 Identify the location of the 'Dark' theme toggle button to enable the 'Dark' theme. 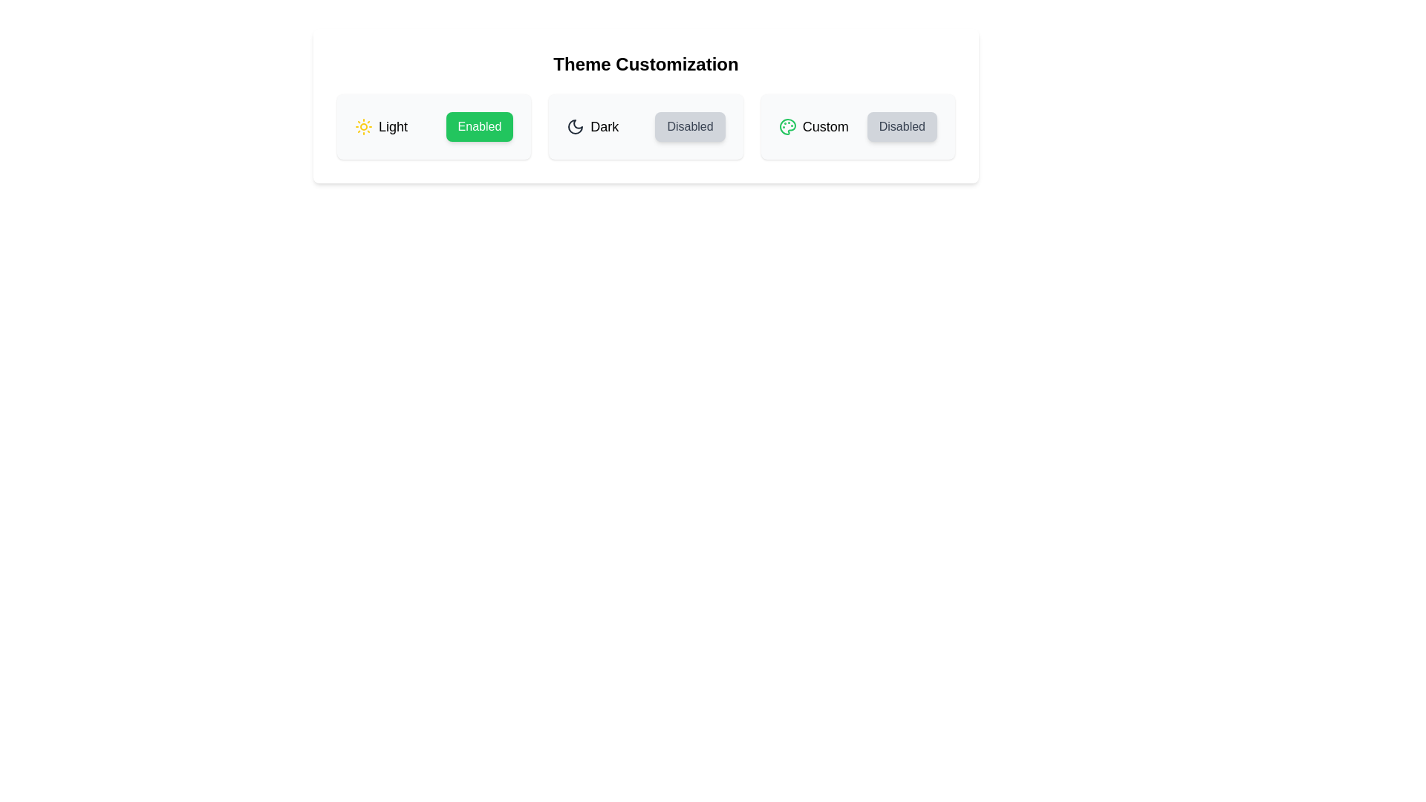
(689, 125).